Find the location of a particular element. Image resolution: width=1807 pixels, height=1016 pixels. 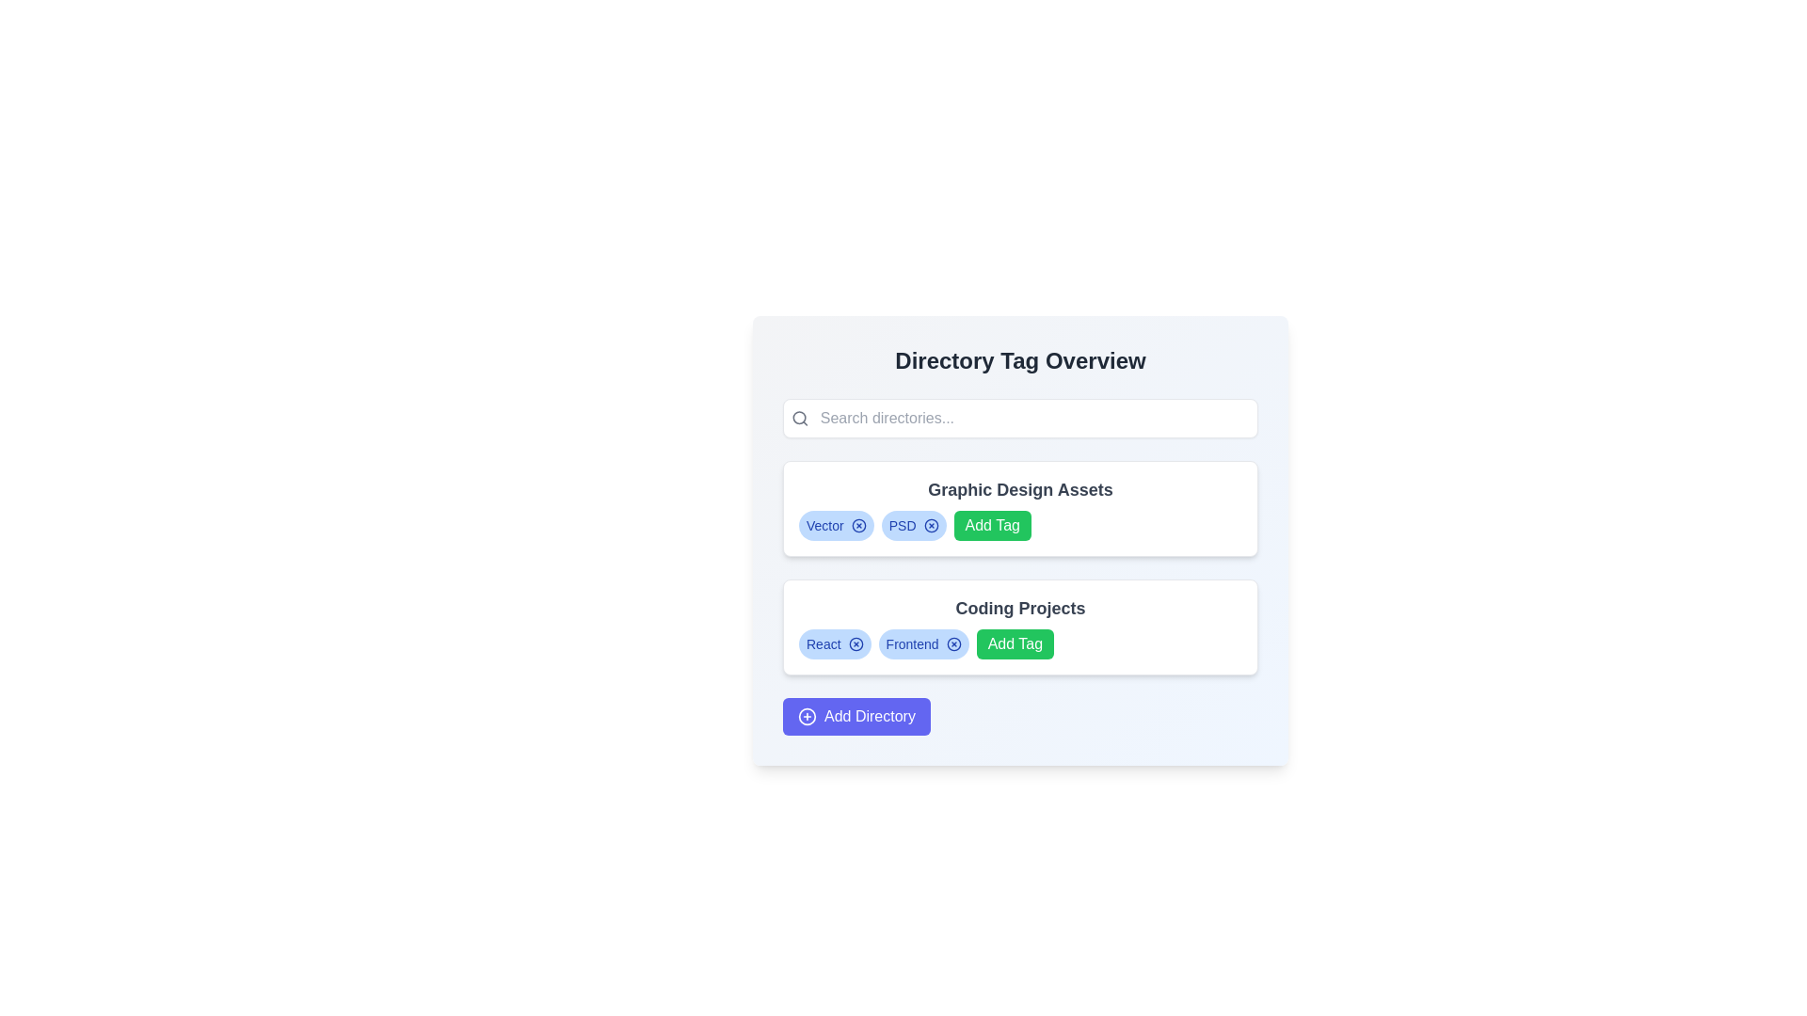

the 'x' icon on the 'Frontend' tag pill is located at coordinates (923, 643).